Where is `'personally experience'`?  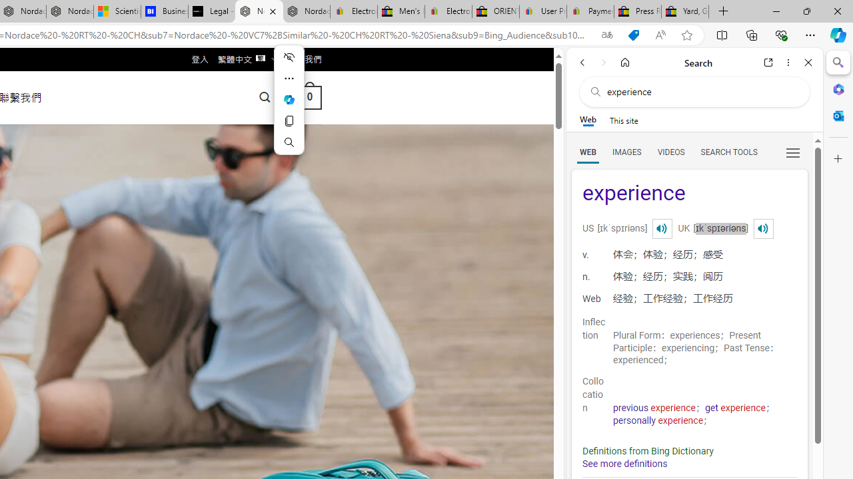 'personally experience' is located at coordinates (658, 420).